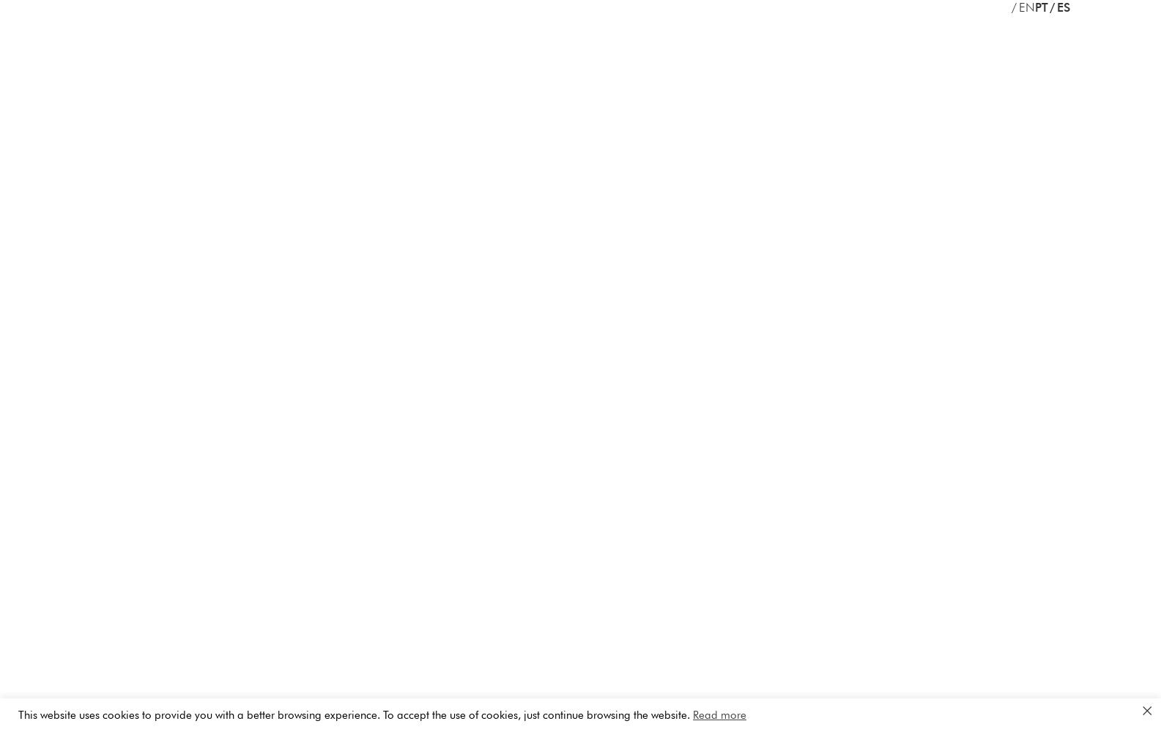 This screenshot has height=732, width=1161. Describe the element at coordinates (759, 180) in the screenshot. I see `'Register'` at that location.